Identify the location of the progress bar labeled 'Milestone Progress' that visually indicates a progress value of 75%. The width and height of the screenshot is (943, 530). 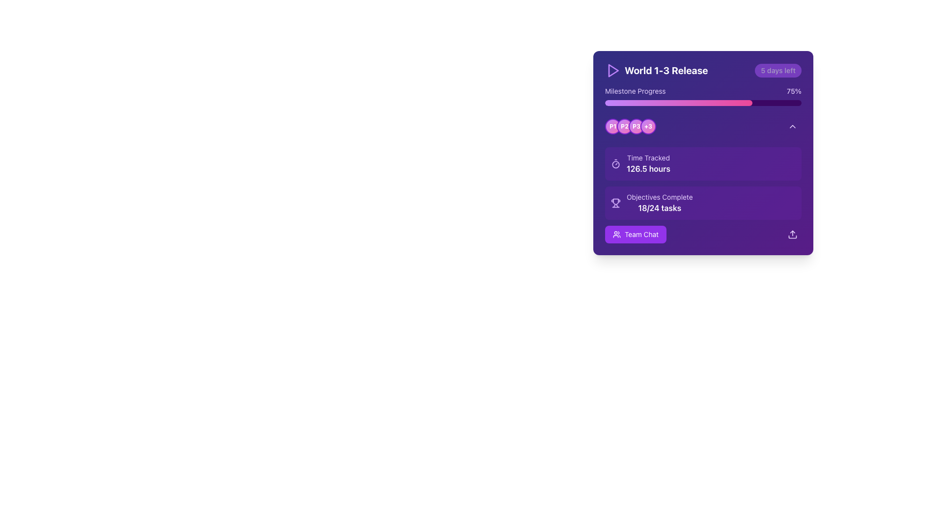
(702, 96).